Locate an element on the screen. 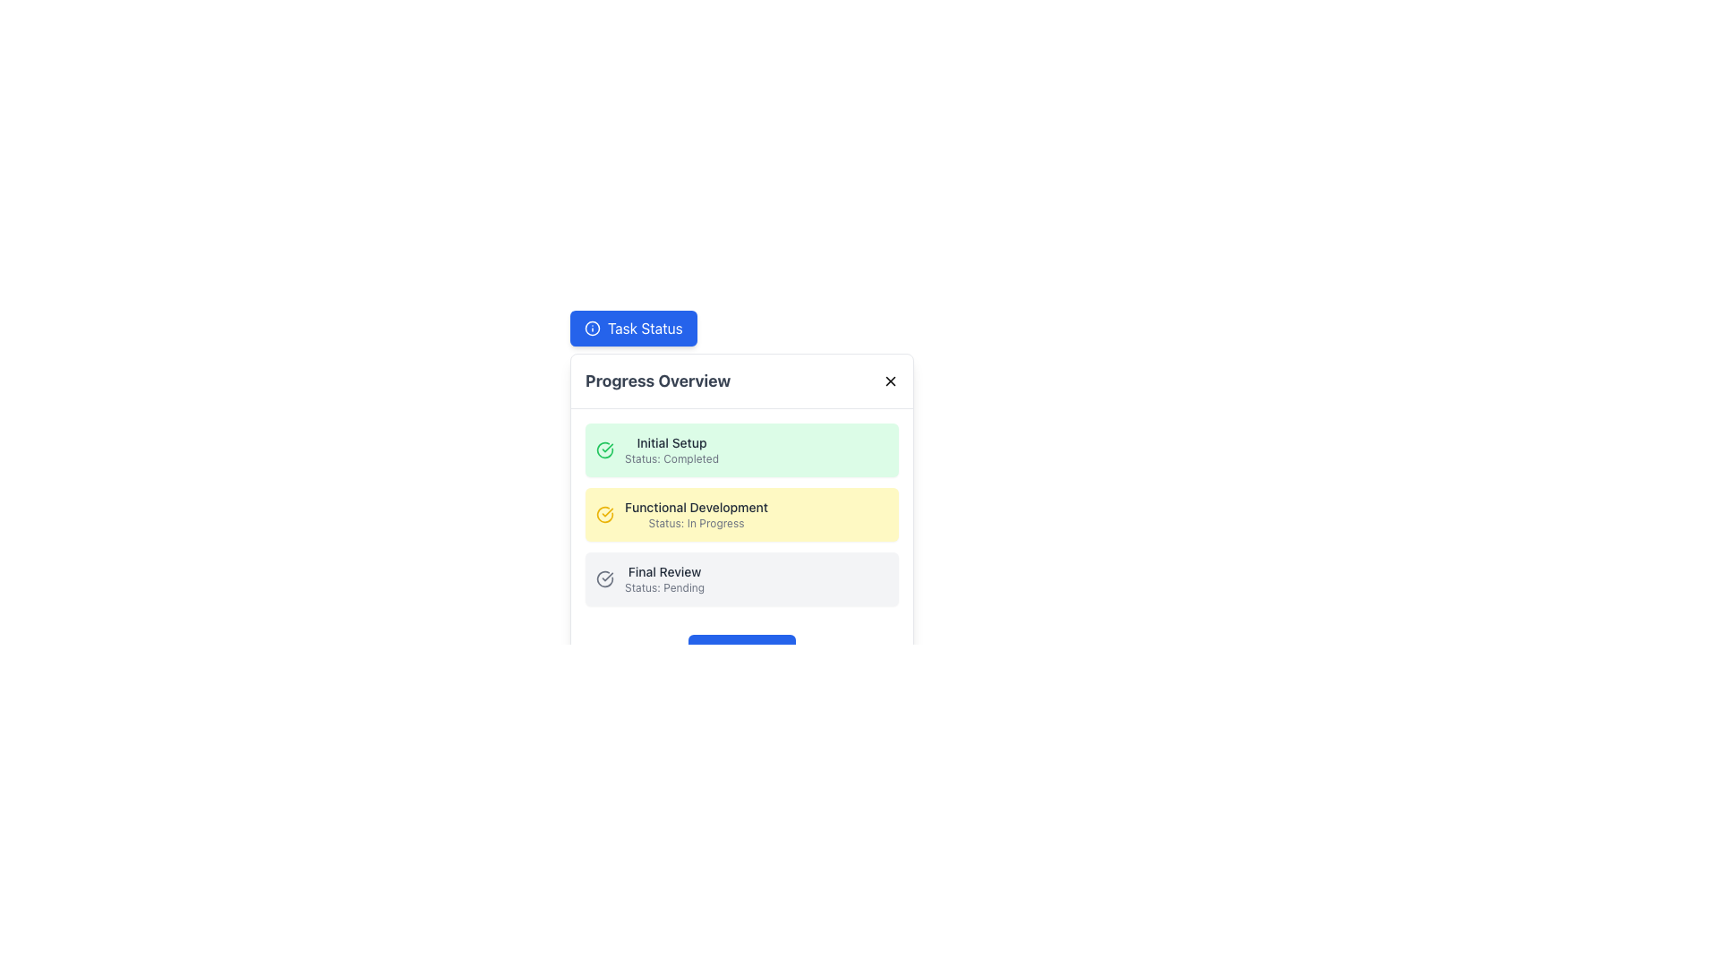 This screenshot has height=967, width=1719. the 'View Details' button, which is a rectangular button with white text on a blue background, located at the bottom center of the 'Progress Overview' dialog box is located at coordinates (742, 650).